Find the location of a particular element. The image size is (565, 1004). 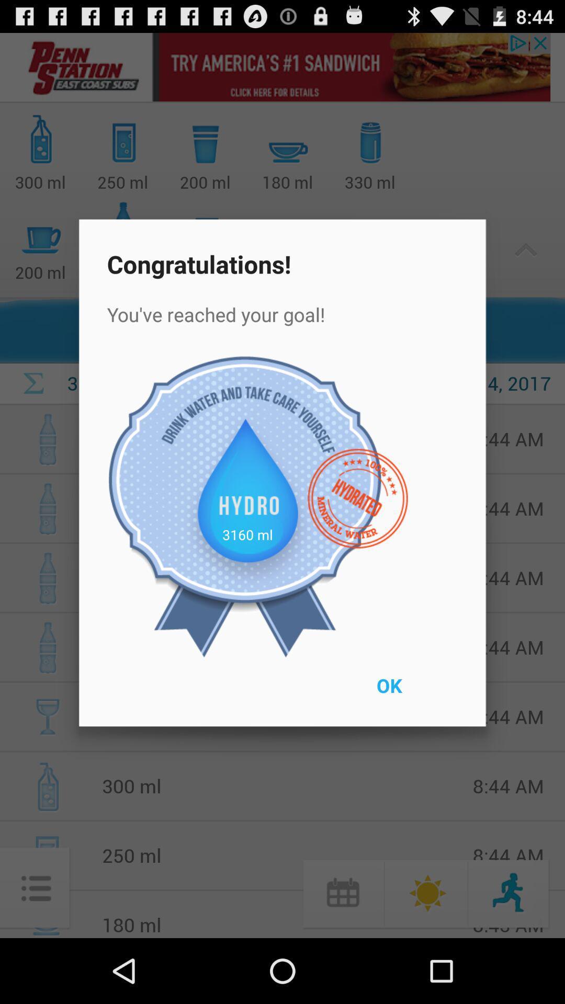

the button at the bottom right corner is located at coordinates (413, 692).